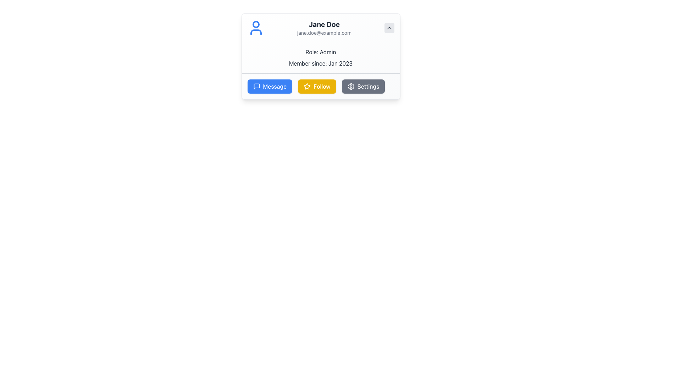 Image resolution: width=681 pixels, height=383 pixels. I want to click on the settings icon located in the lower-right corner of the user card interface, so click(351, 86).